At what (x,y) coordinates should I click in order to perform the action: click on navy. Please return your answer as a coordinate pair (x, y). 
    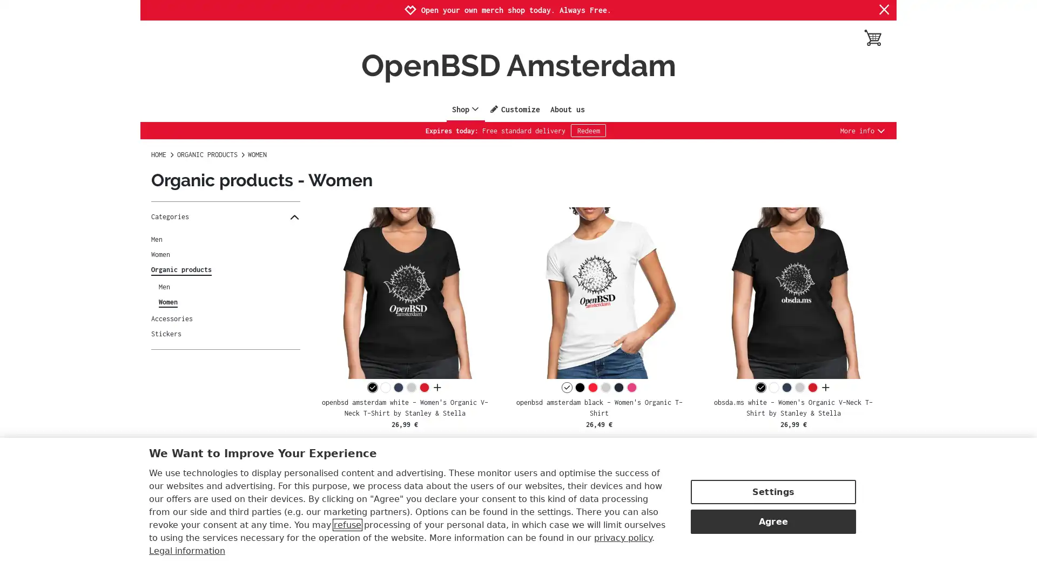
    Looking at the image, I should click on (787, 387).